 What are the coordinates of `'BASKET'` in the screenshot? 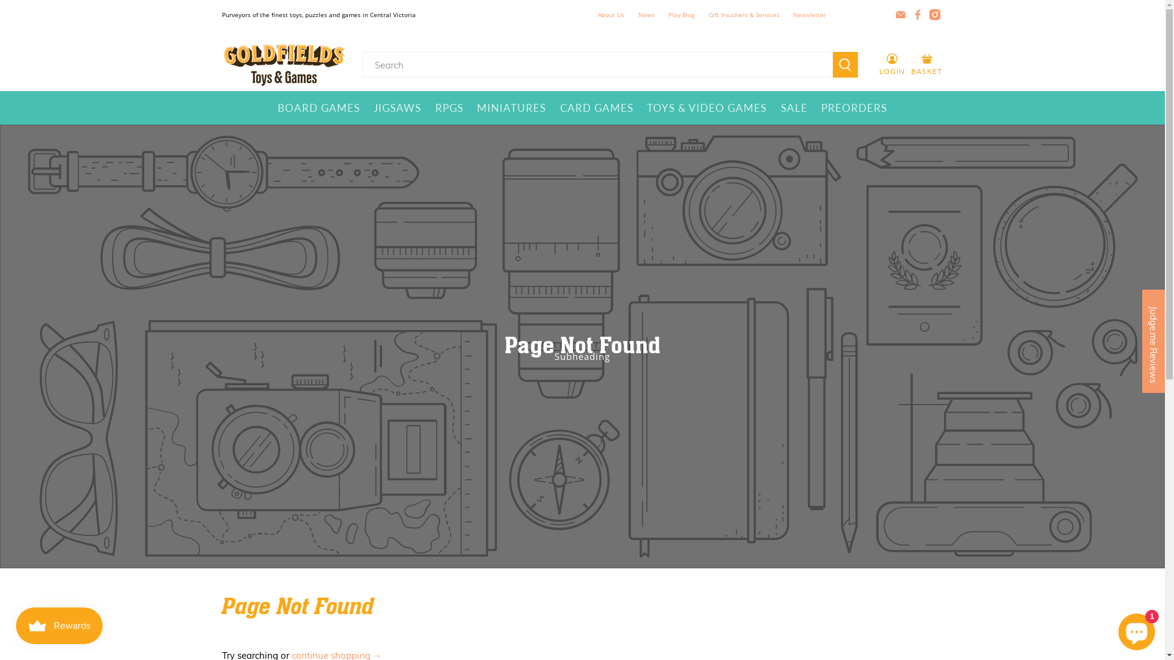 It's located at (926, 65).